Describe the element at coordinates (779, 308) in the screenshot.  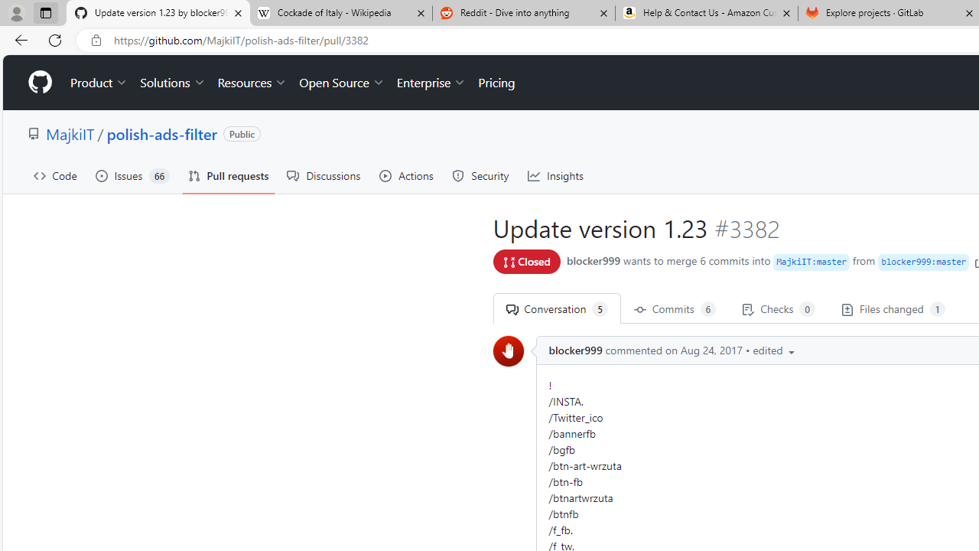
I see `' Checks 0'` at that location.